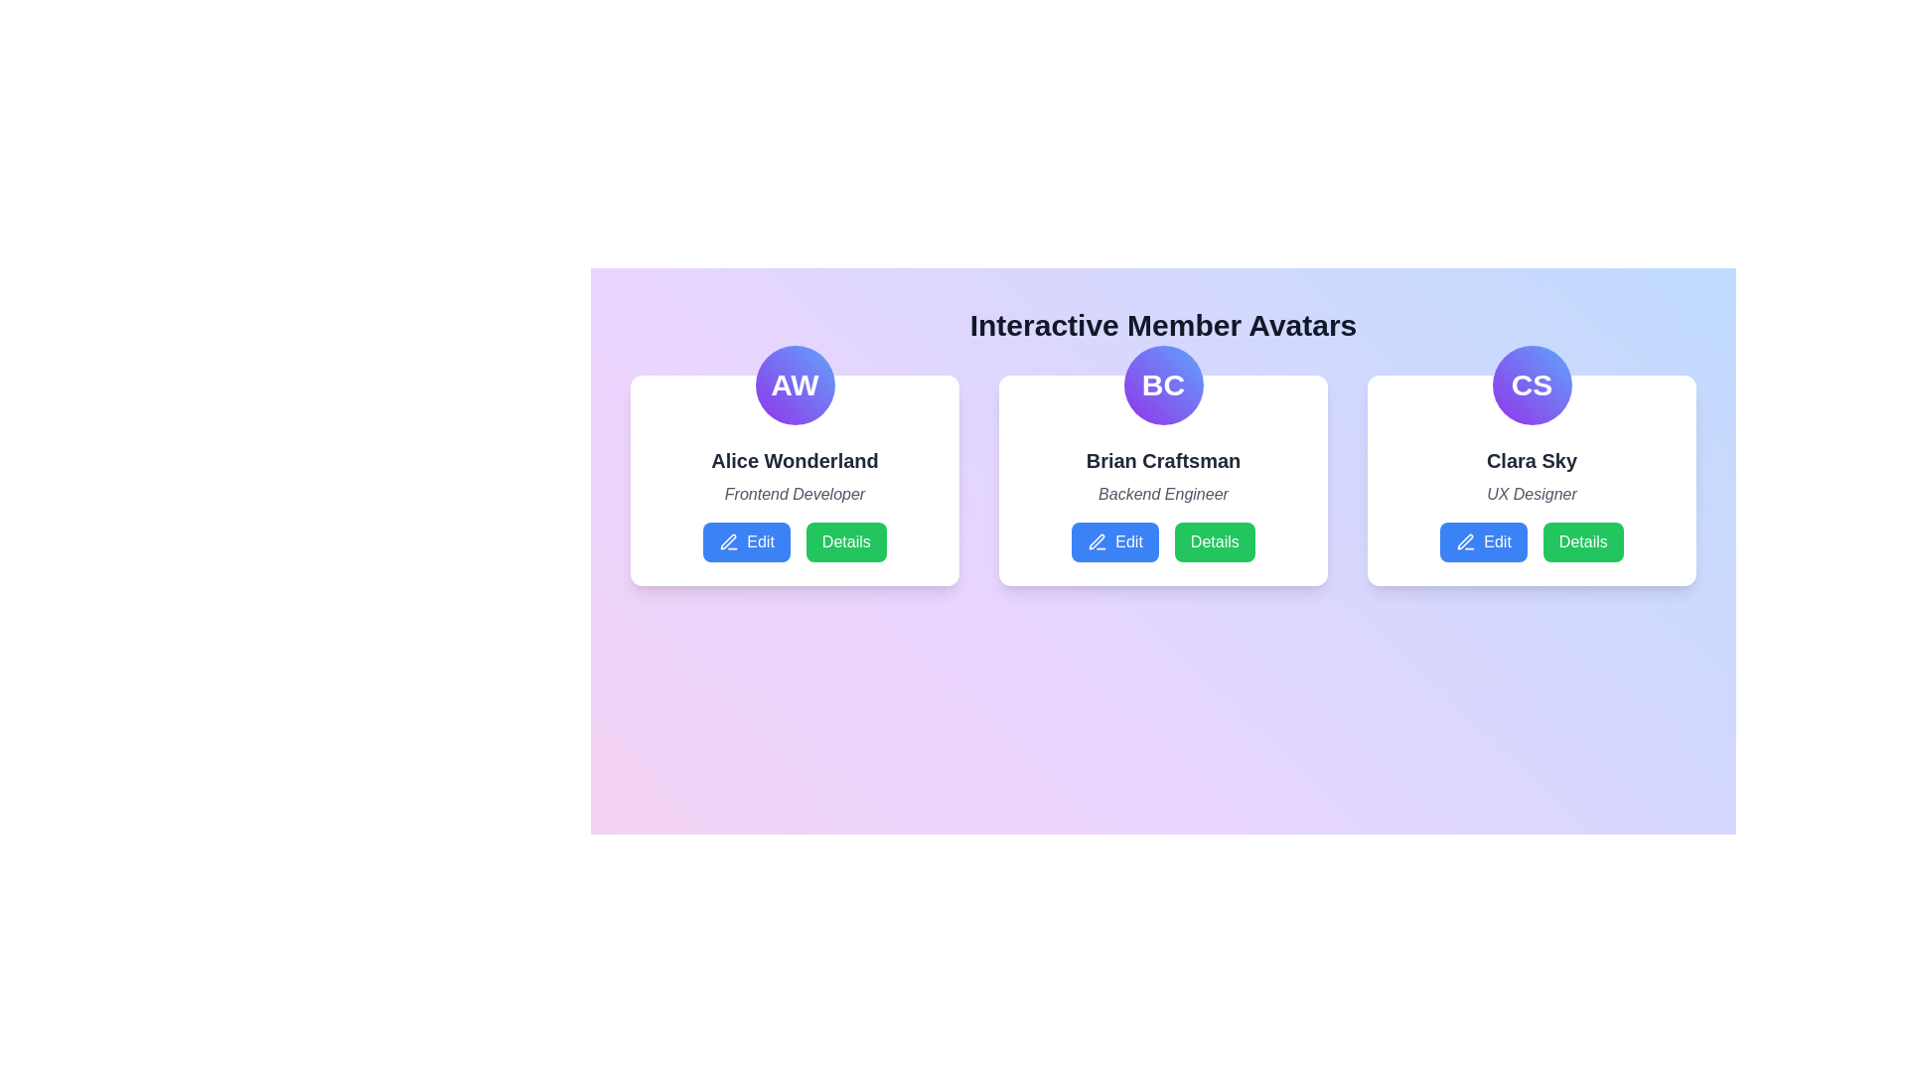  I want to click on the 'Edit' button, which is a rectangular button with a blue background and the text 'Edit' in white, located to the left of the 'Details' button, so click(1115, 542).